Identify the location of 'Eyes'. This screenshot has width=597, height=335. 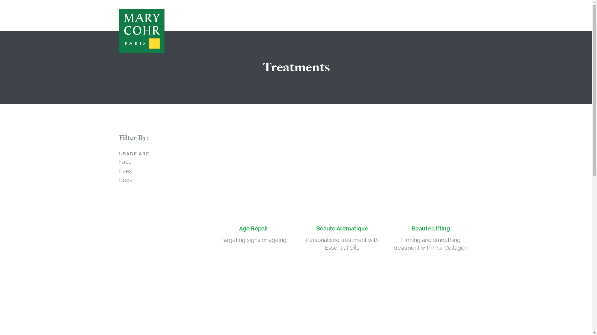
(125, 171).